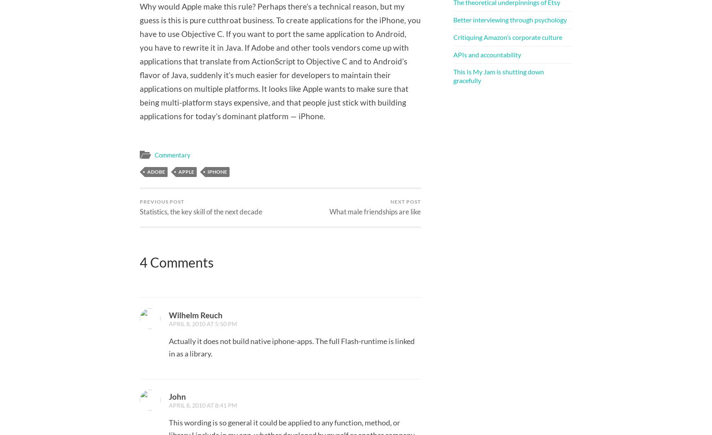 The height and width of the screenshot is (435, 712). Describe the element at coordinates (202, 405) in the screenshot. I see `'April 8, 2010 at 8:41 pm'` at that location.